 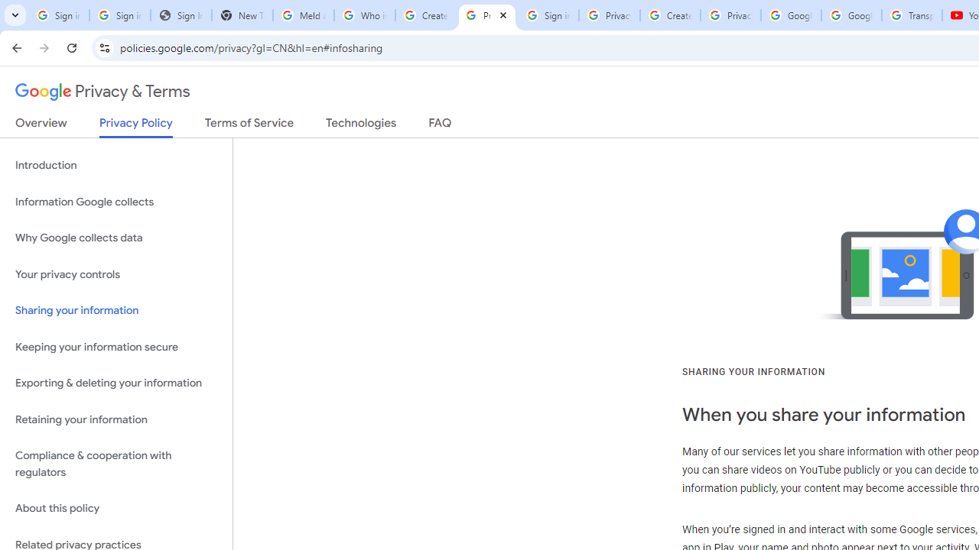 I want to click on 'Sign in - Google Accounts', so click(x=548, y=15).